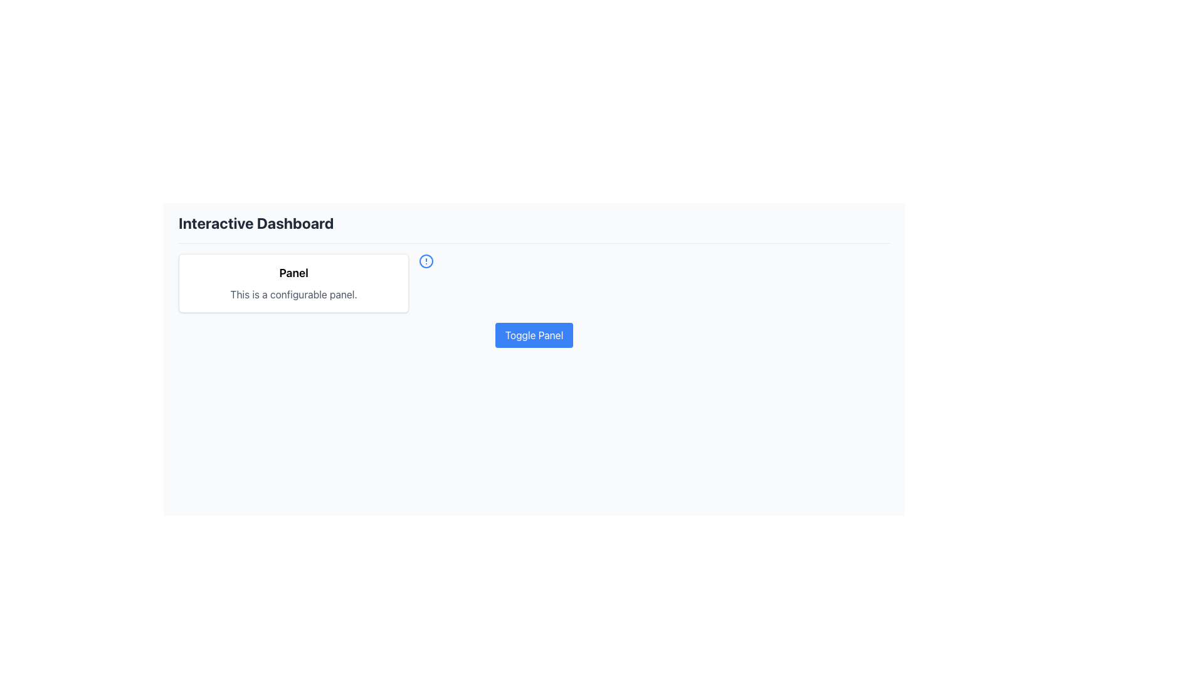 The height and width of the screenshot is (677, 1204). What do you see at coordinates (293, 295) in the screenshot?
I see `the Text Label located beneath the title 'Panel' in the lower portion of the bordered, shadowed panel, which provides additional descriptive information about the panel's functionality` at bounding box center [293, 295].